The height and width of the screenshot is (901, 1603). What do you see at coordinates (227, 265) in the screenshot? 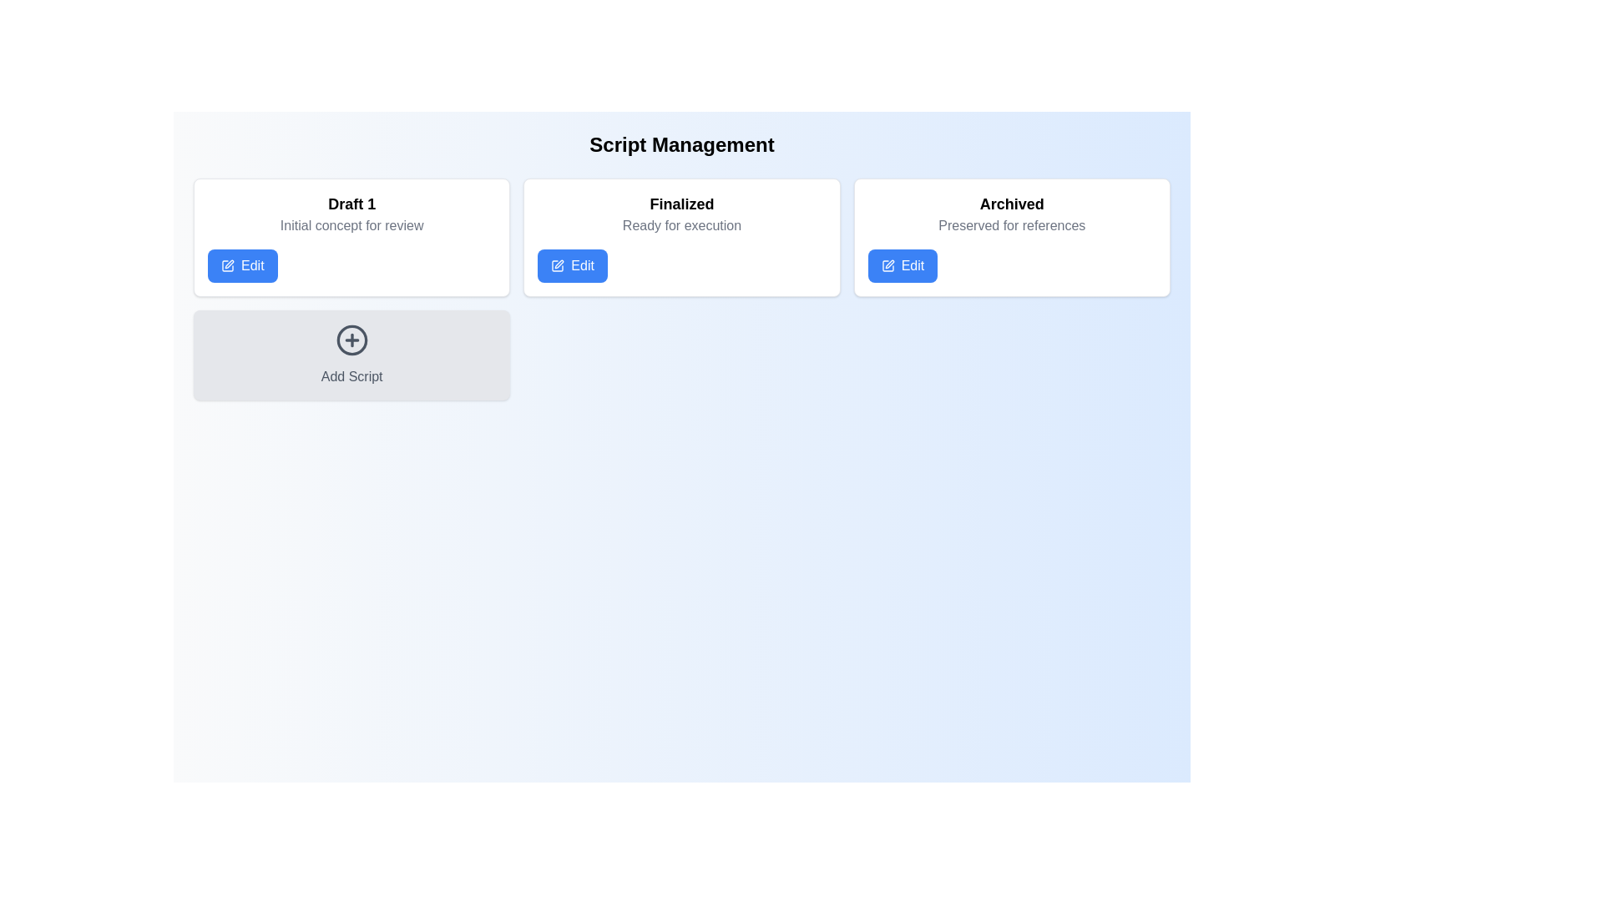
I see `the blue 'Edit' button which contains a small SVG icon resembling a pen within a square outline, located at the bottom of the card titled 'Draft 1'` at bounding box center [227, 265].